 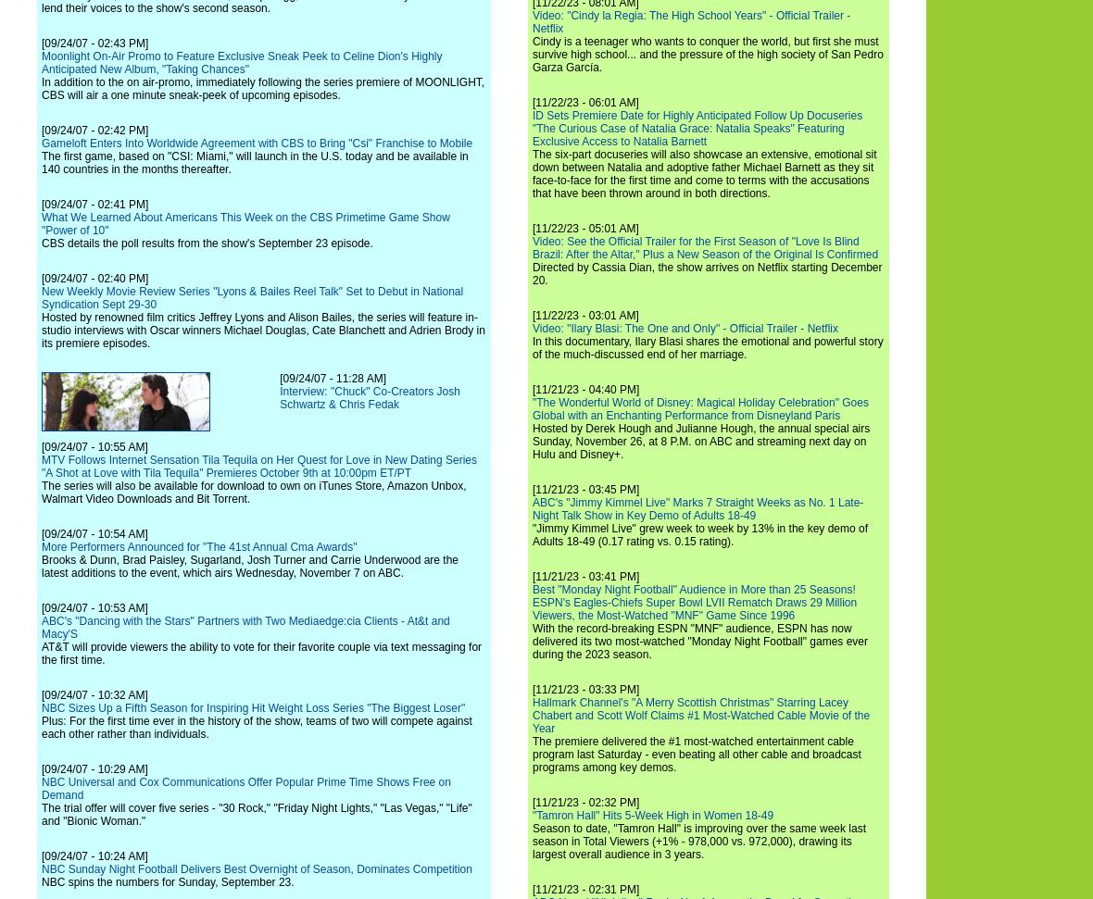 What do you see at coordinates (584, 316) in the screenshot?
I see `'[11/22/23 - 03:01 AM]'` at bounding box center [584, 316].